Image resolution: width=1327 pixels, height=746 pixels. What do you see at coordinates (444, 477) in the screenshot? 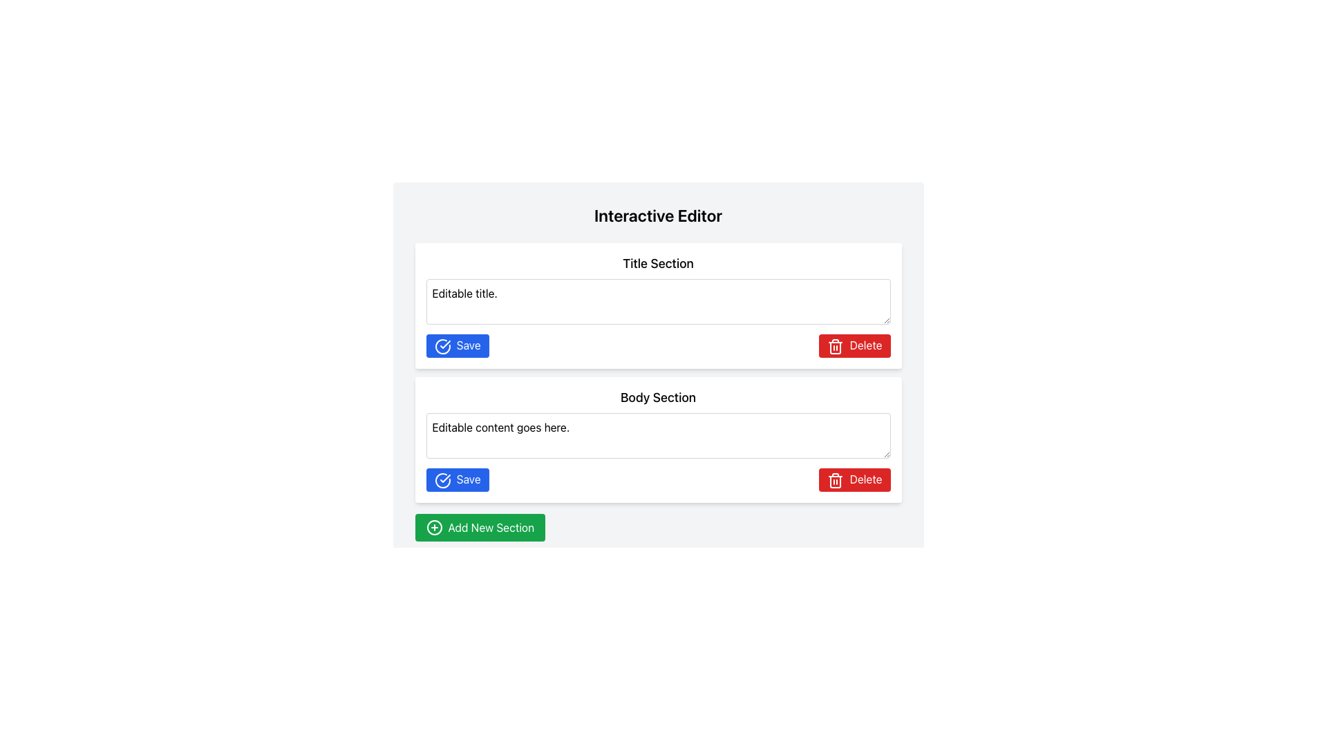
I see `the checkmark icon located within a circular graphic adjacent to the 'Save' button to indicate its success or readiness state` at bounding box center [444, 477].